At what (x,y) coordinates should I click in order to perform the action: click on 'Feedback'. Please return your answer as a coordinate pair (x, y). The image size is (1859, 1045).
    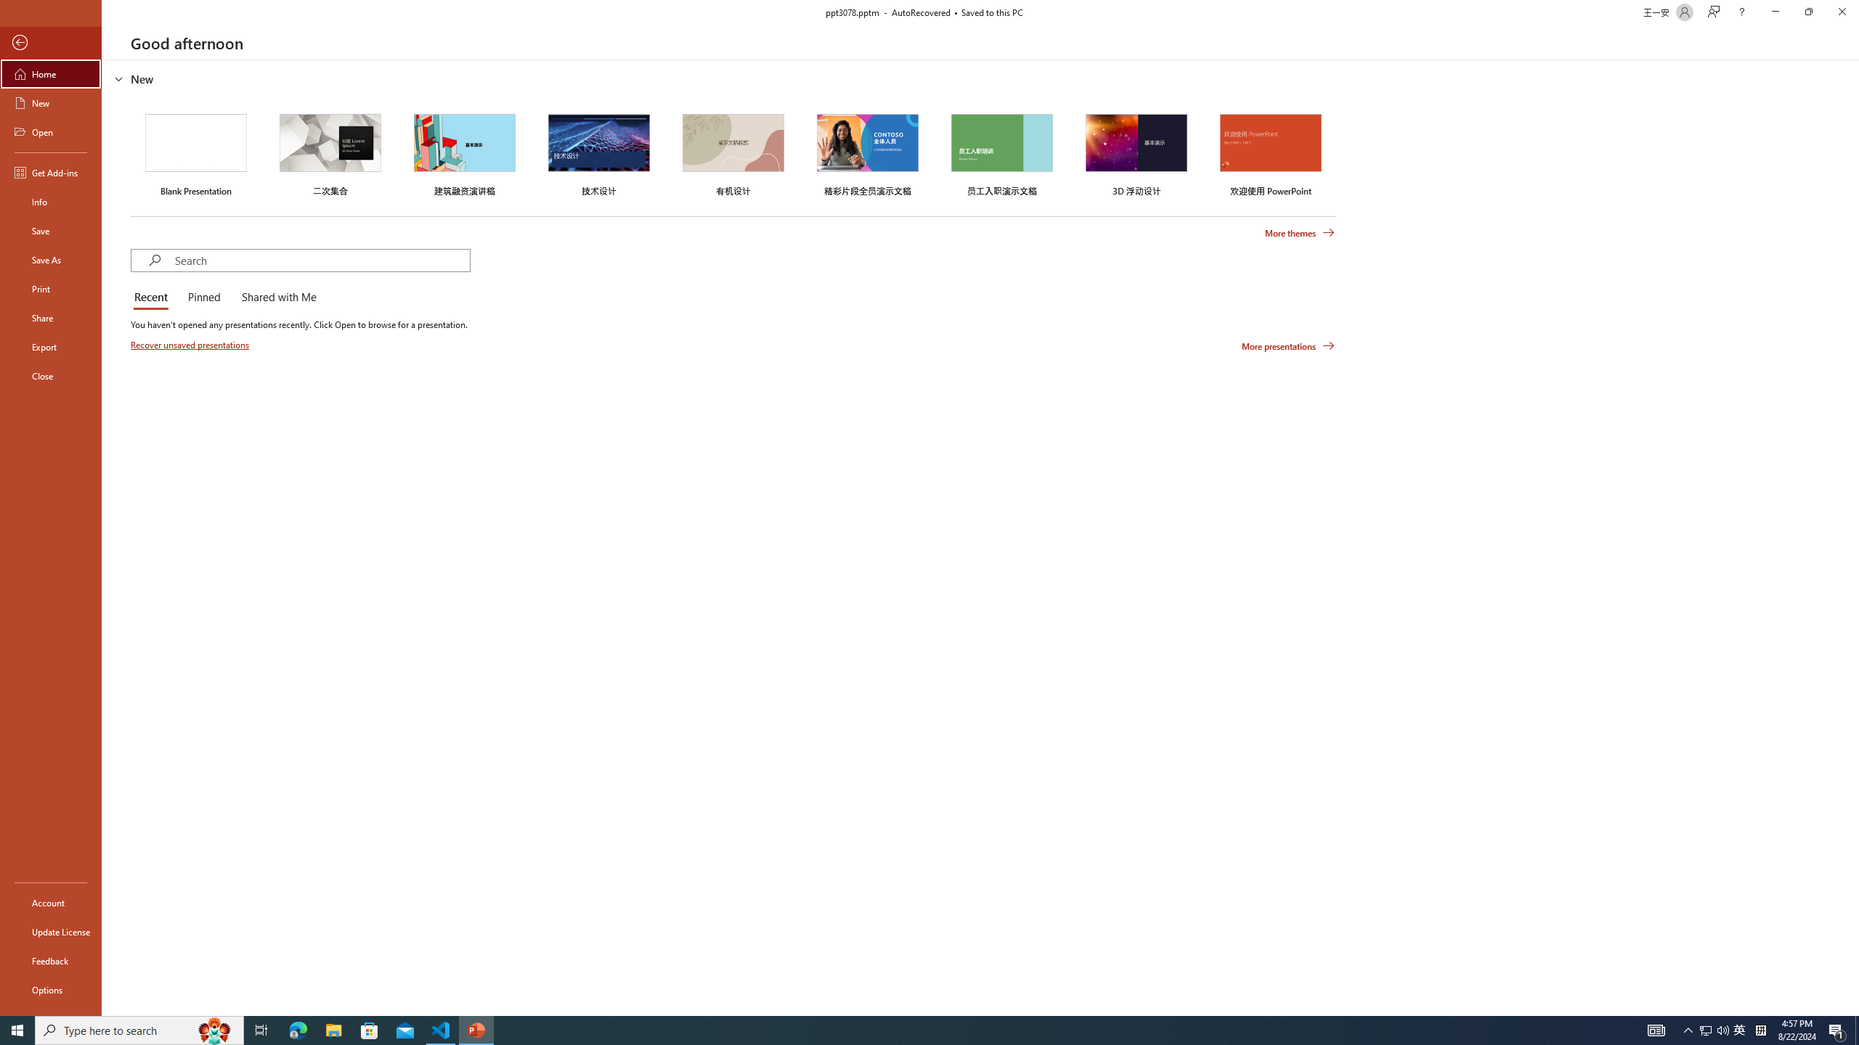
    Looking at the image, I should click on (50, 961).